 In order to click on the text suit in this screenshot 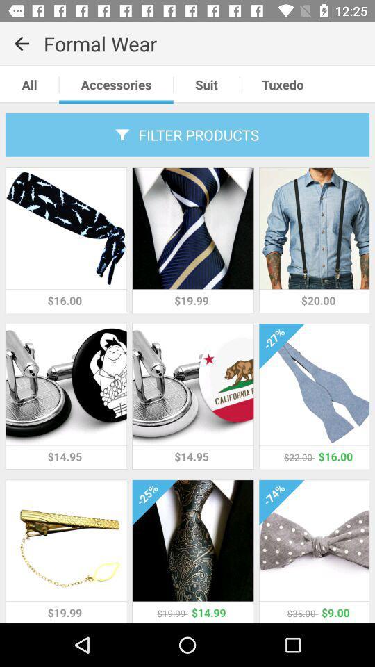, I will do `click(206, 84)`.